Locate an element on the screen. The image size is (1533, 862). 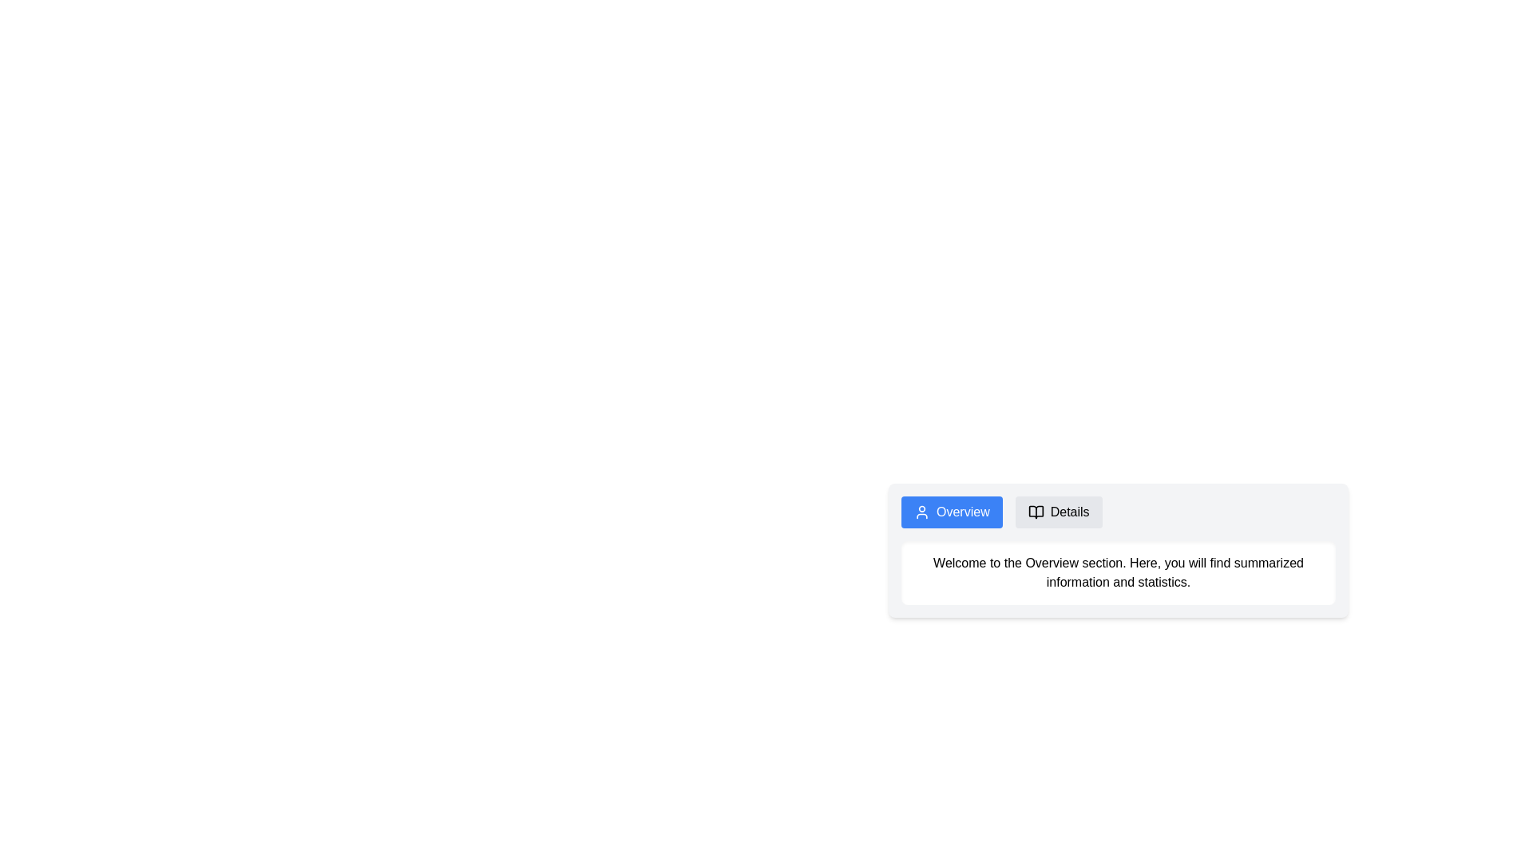
the 'Details' button, which is a rectangular button with a light gray background and an open book icon, located to the right of the 'Overview' button is located at coordinates (1059, 512).